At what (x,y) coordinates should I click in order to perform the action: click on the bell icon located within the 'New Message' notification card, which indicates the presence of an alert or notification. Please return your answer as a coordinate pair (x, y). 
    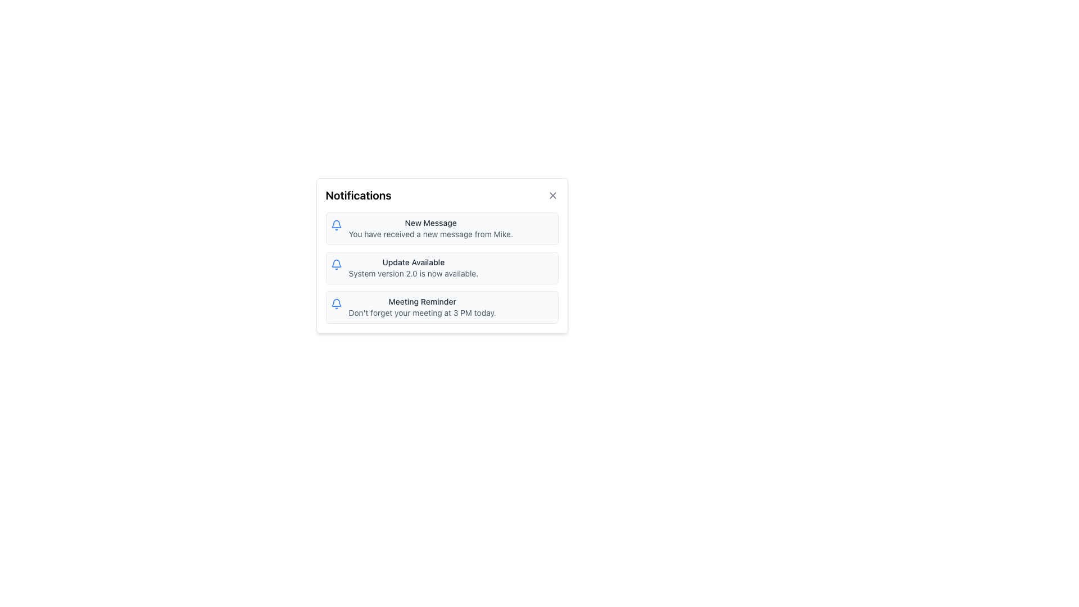
    Looking at the image, I should click on (336, 225).